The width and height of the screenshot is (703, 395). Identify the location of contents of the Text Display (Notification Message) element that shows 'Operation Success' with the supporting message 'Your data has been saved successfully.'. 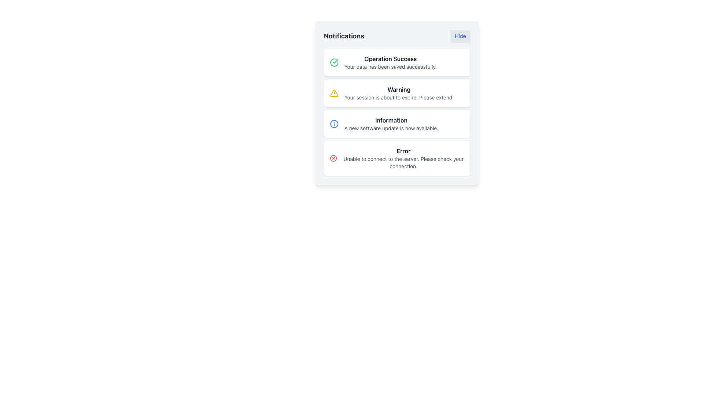
(390, 62).